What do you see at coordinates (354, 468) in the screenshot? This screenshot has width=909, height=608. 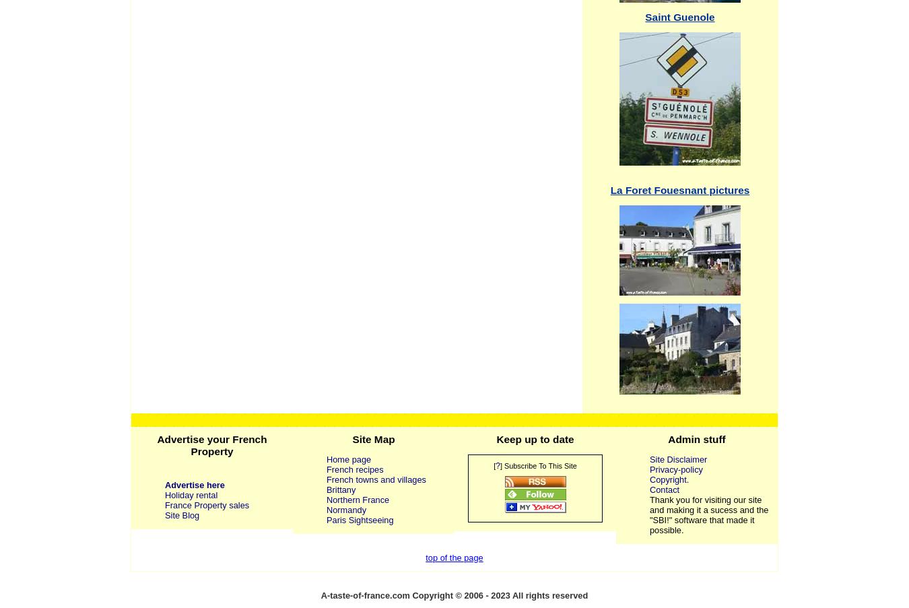 I see `'French recipes'` at bounding box center [354, 468].